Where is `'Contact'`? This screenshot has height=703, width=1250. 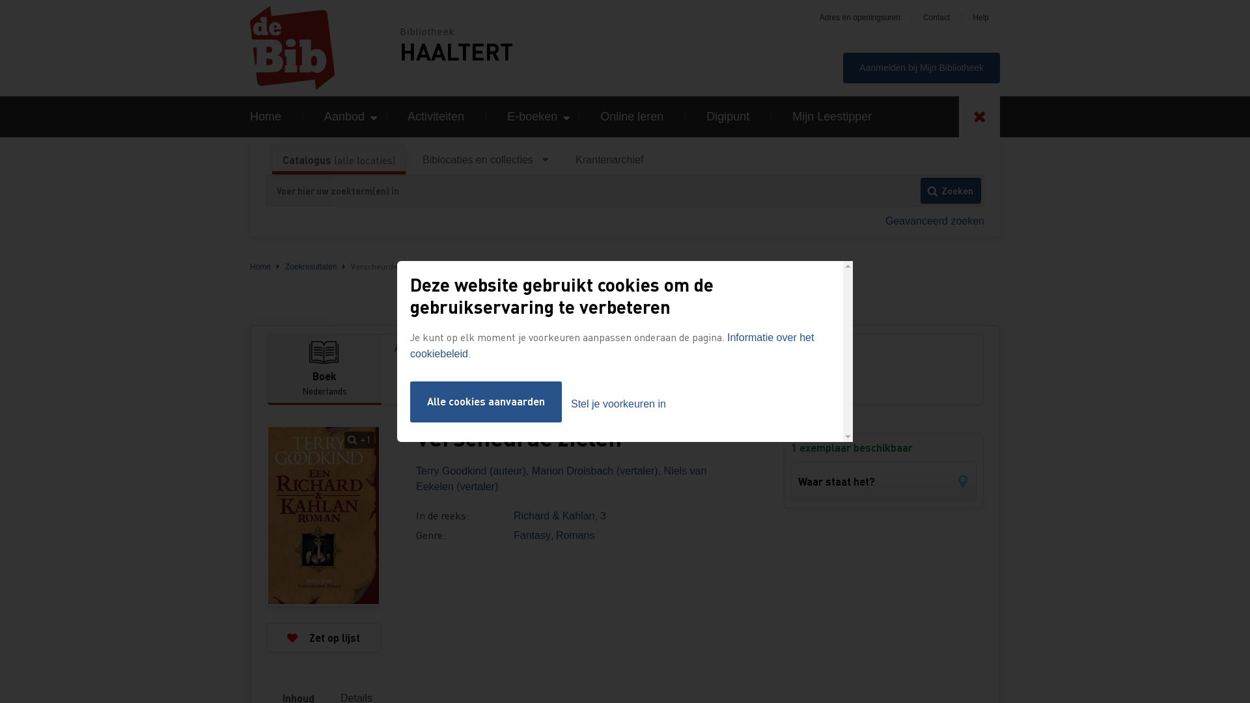
'Contact' is located at coordinates (936, 18).